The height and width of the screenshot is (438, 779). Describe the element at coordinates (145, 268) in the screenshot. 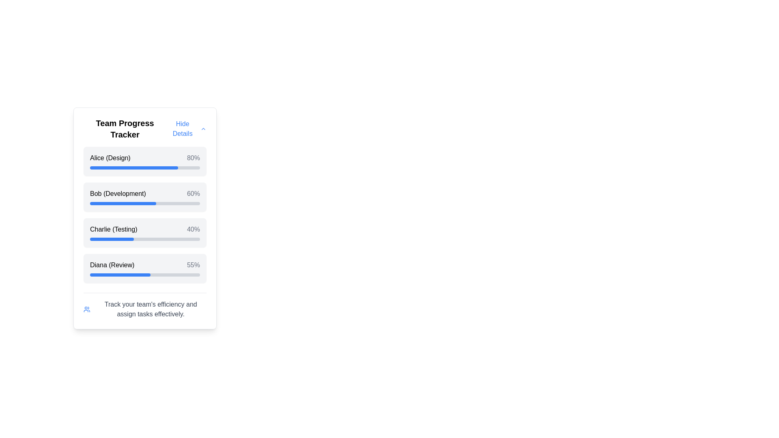

I see `the Progress card labeled 'Diana (Review)' which displays a 55% completion percentage, positioned at the bottom of the vertical list in the 'Team Progress Tracker'` at that location.